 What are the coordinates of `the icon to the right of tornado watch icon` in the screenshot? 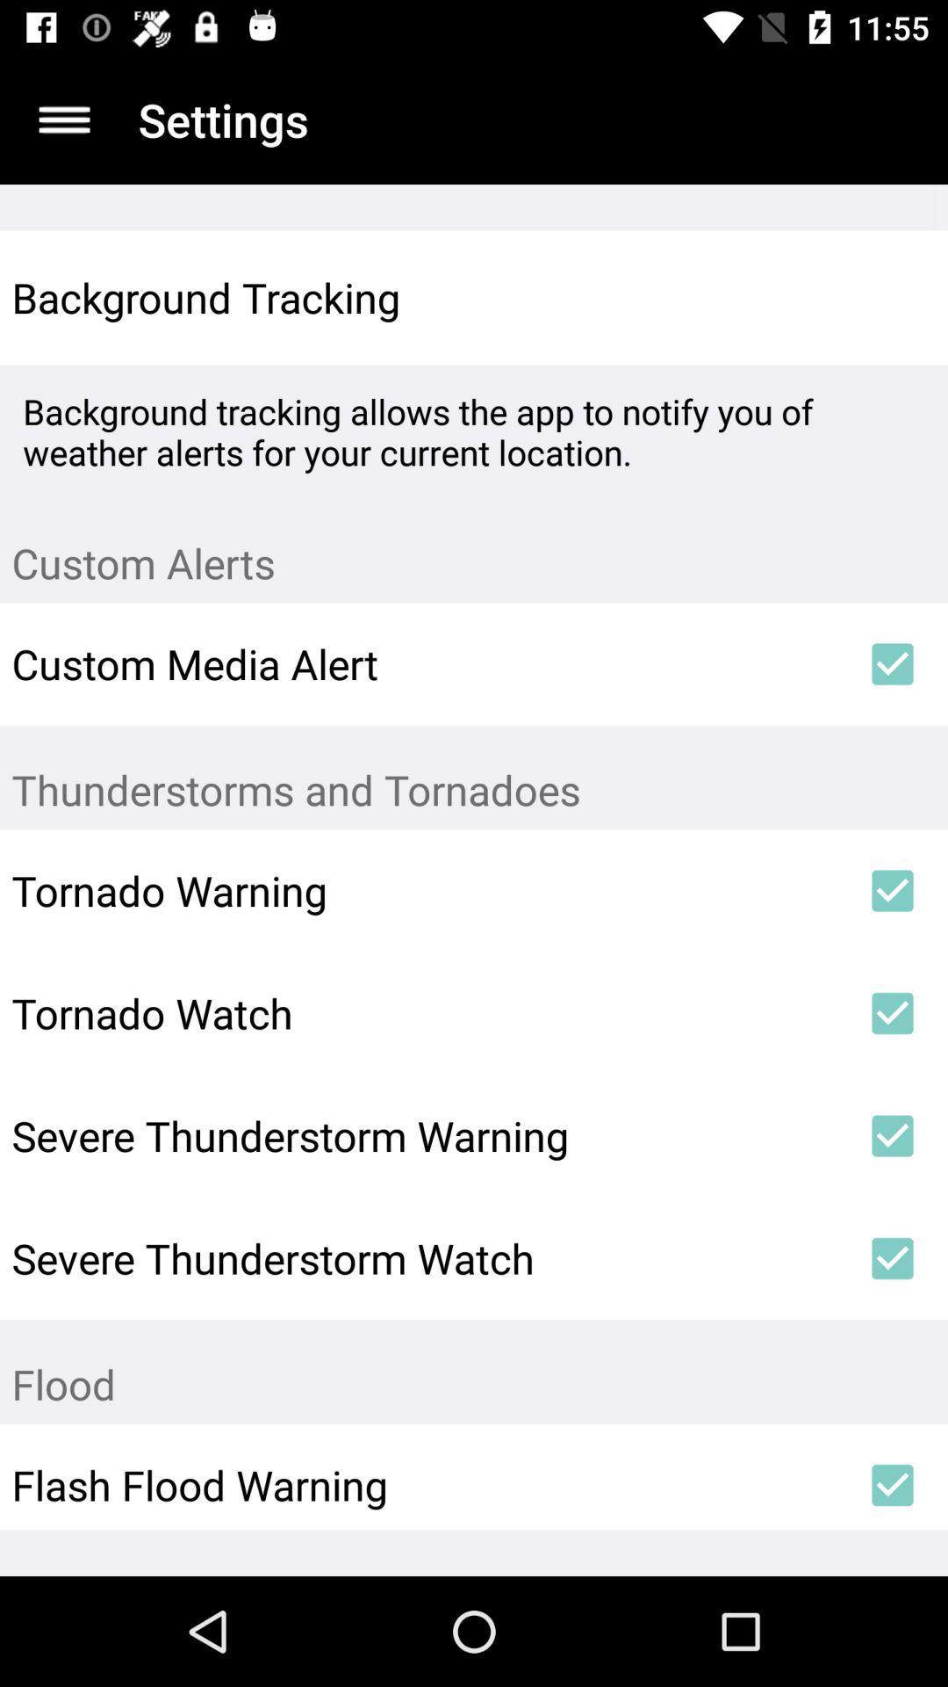 It's located at (893, 1013).